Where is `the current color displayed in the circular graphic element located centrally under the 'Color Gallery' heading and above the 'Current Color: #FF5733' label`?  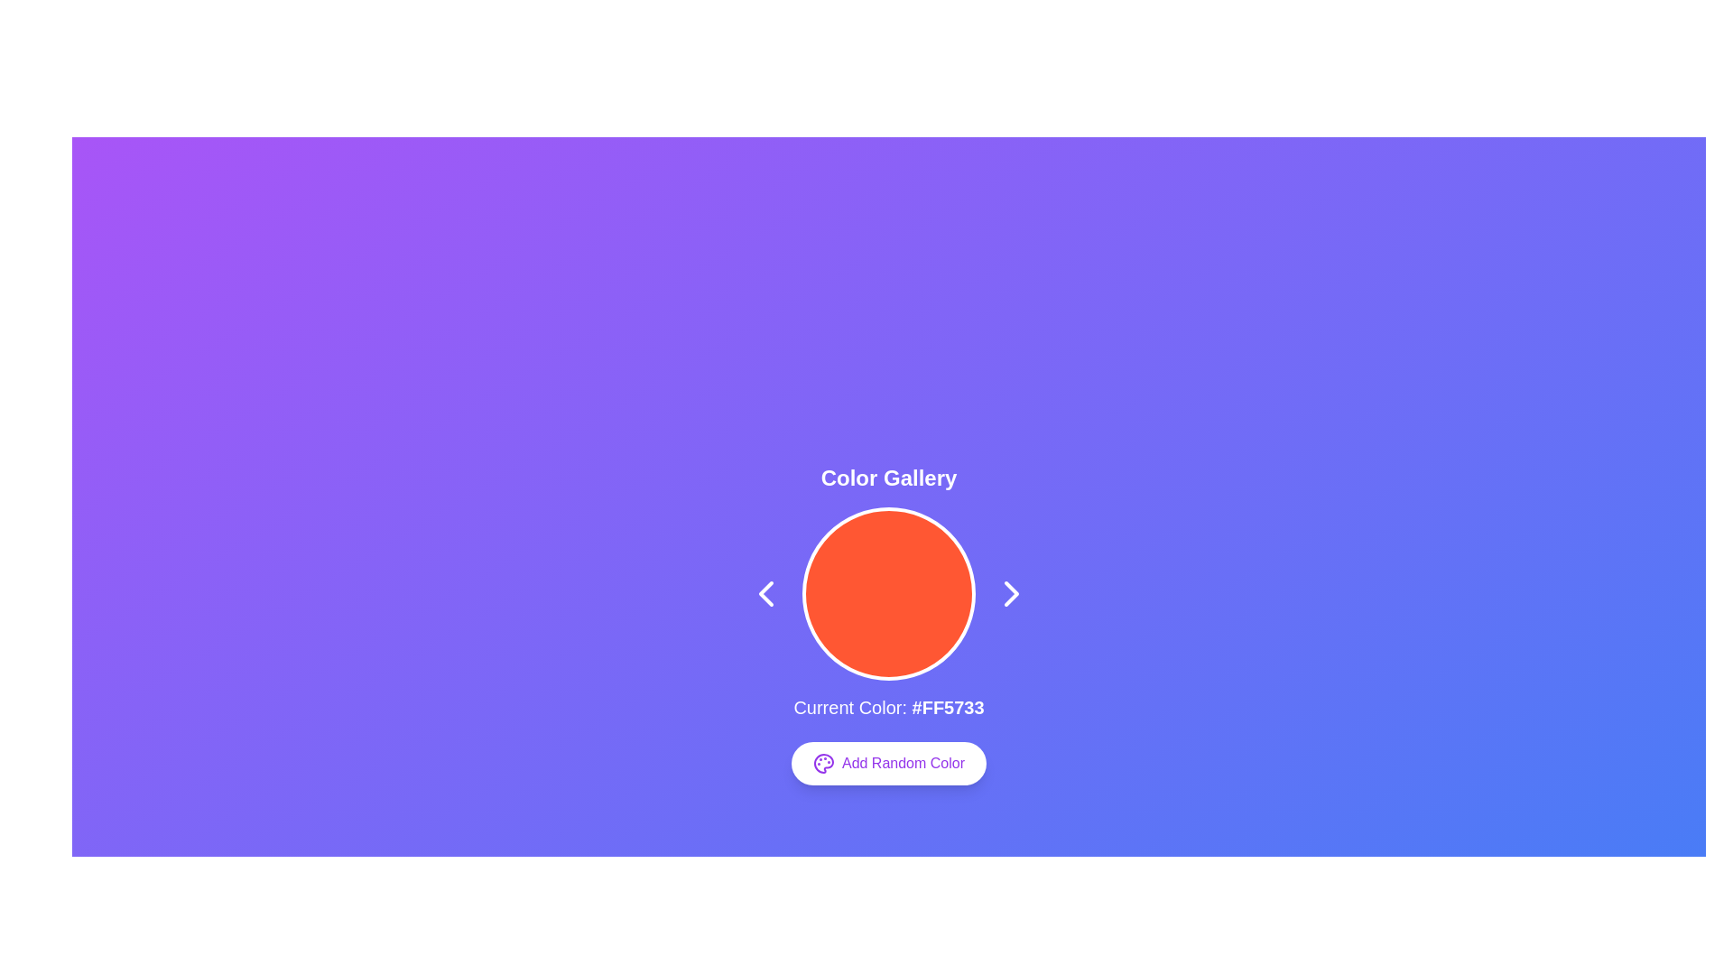
the current color displayed in the circular graphic element located centrally under the 'Color Gallery' heading and above the 'Current Color: #FF5733' label is located at coordinates (888, 594).